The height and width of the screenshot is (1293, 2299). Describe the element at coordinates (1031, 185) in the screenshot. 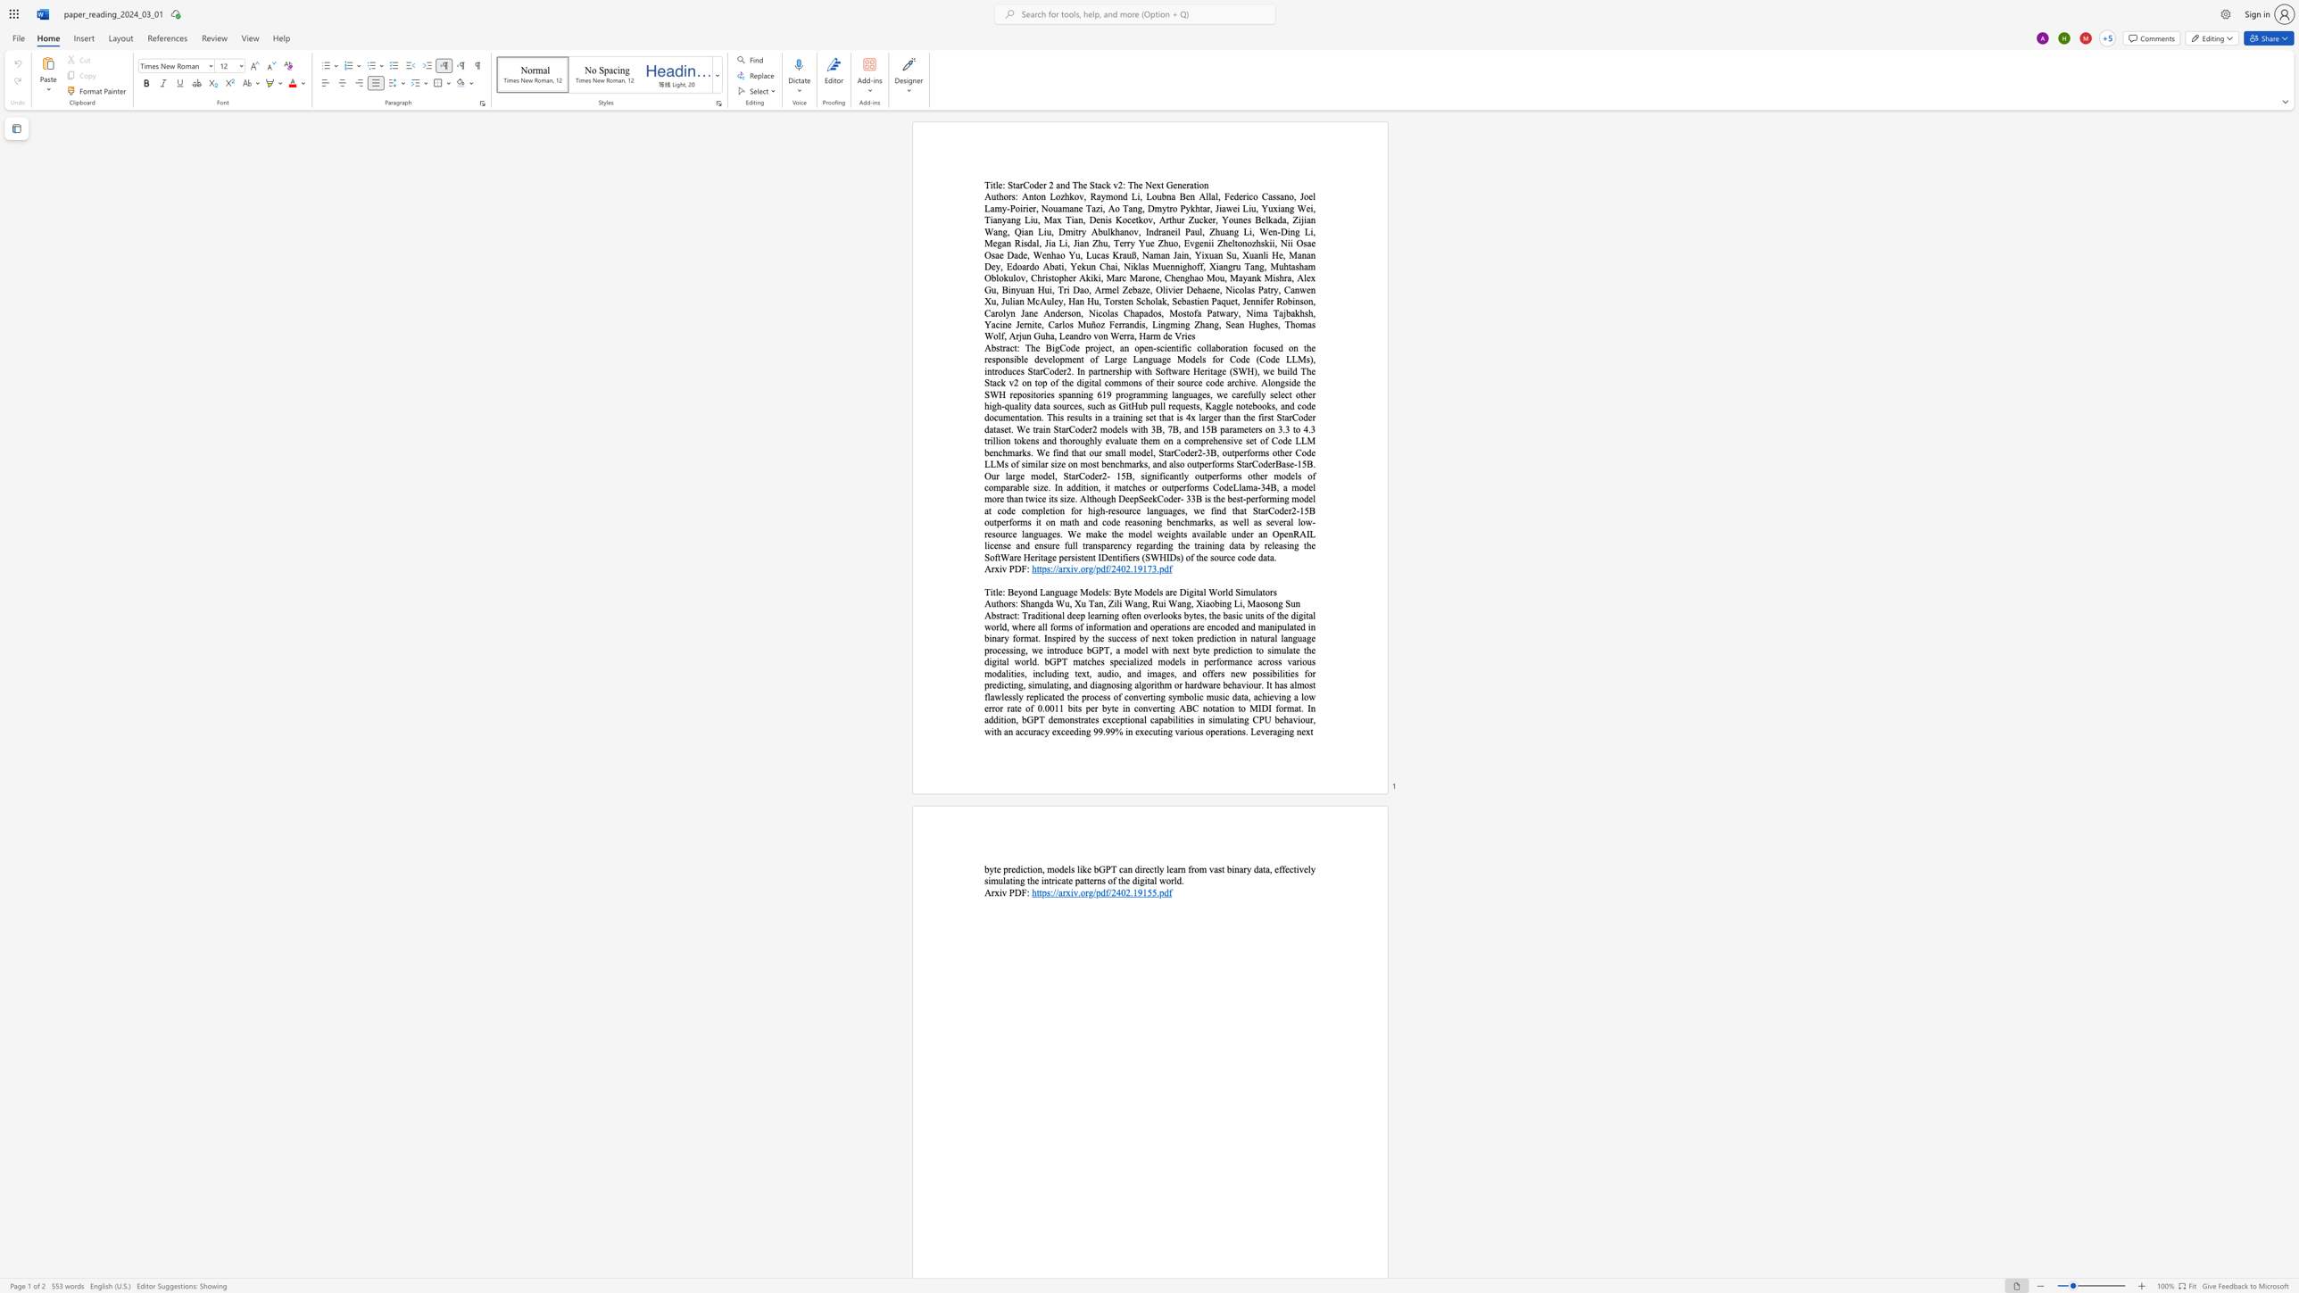

I see `the 1th character "o" in the text` at that location.